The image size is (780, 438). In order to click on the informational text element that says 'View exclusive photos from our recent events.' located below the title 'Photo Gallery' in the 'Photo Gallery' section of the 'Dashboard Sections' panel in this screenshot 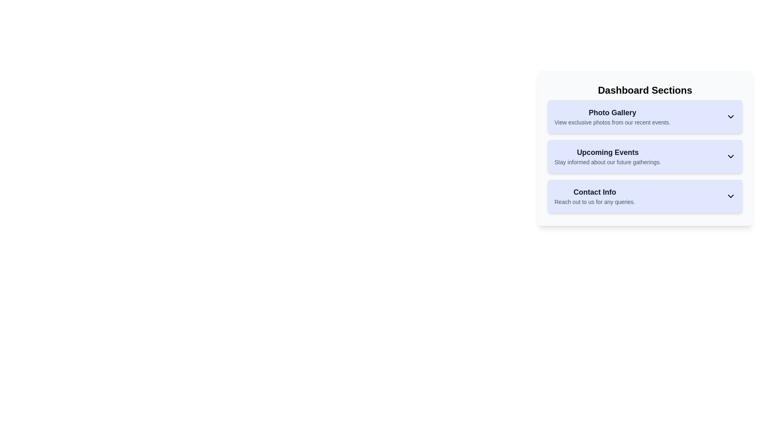, I will do `click(612, 122)`.